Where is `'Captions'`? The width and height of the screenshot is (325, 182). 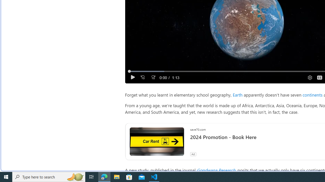 'Captions' is located at coordinates (319, 77).